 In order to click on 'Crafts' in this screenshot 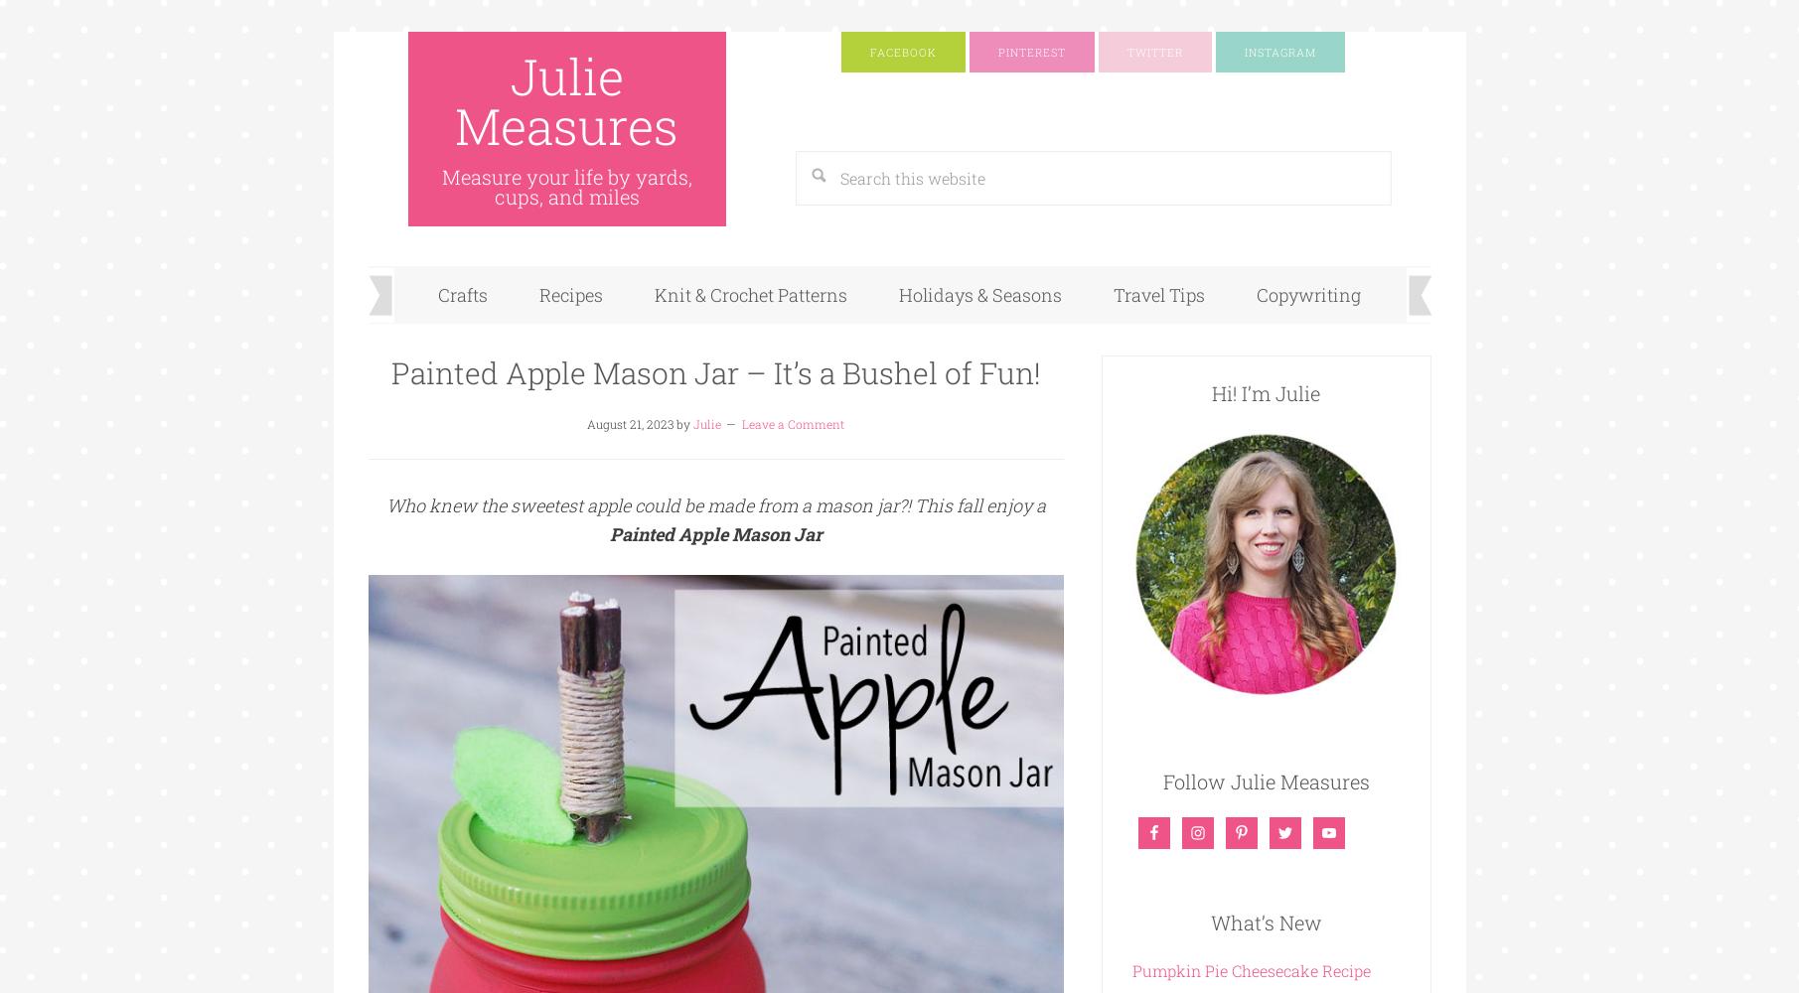, I will do `click(462, 295)`.